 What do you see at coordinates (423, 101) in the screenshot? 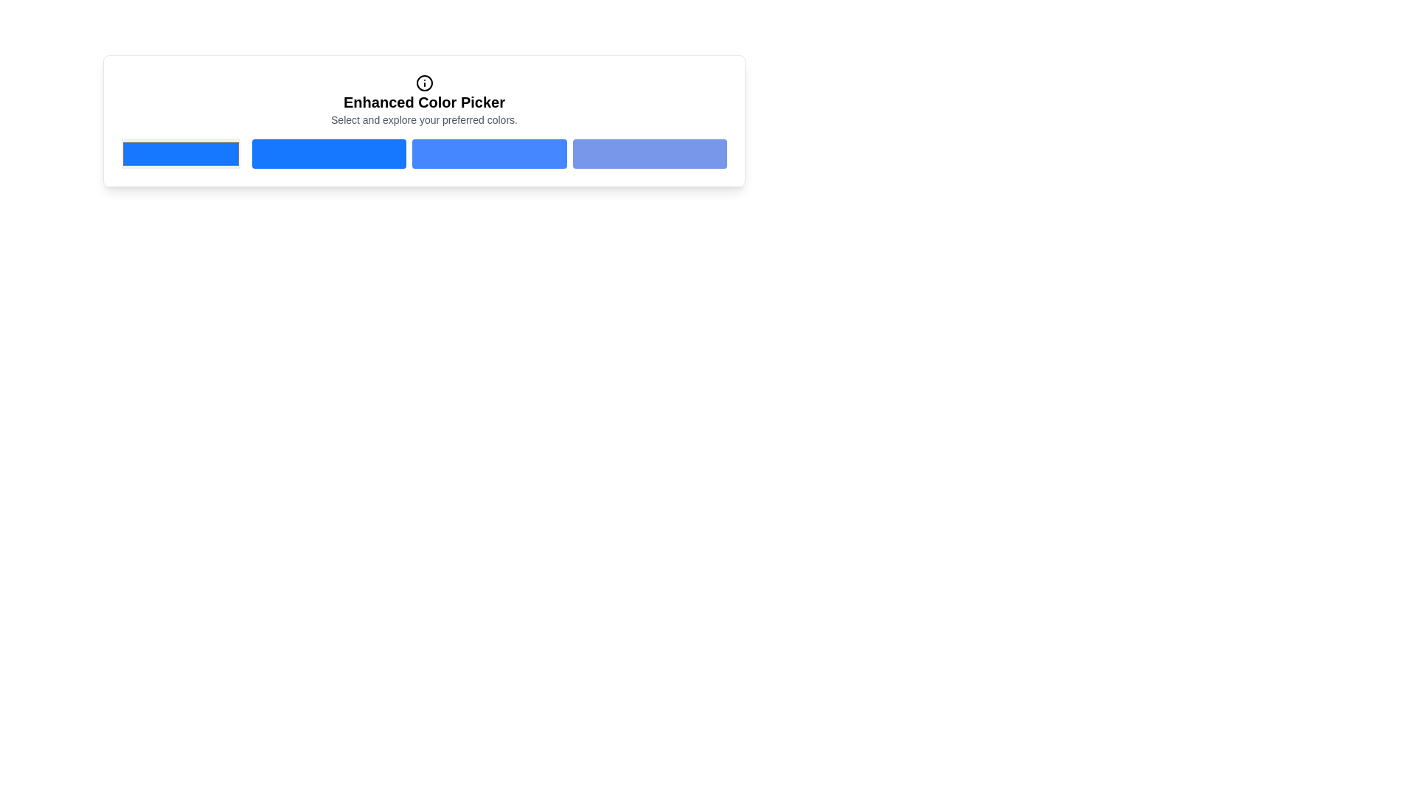
I see `the text label that serves as a title or heading, located horizontally centered above a descriptive text line and below a small circular info icon` at bounding box center [423, 101].